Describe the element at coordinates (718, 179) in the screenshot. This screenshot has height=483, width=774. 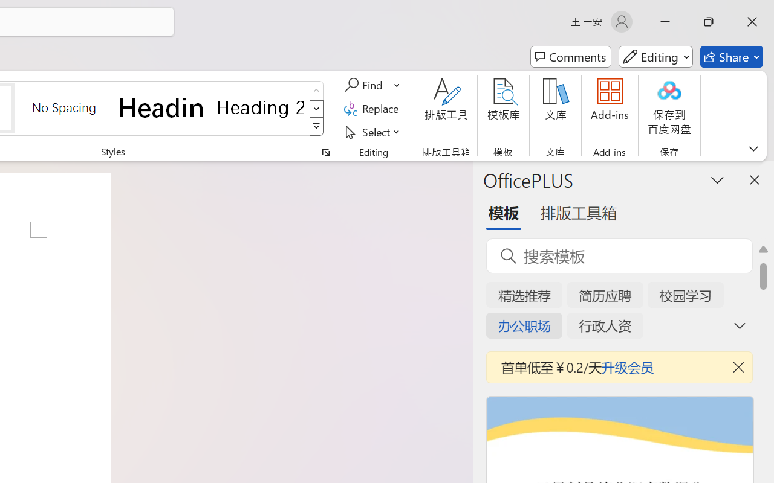
I see `'Task Pane Options'` at that location.